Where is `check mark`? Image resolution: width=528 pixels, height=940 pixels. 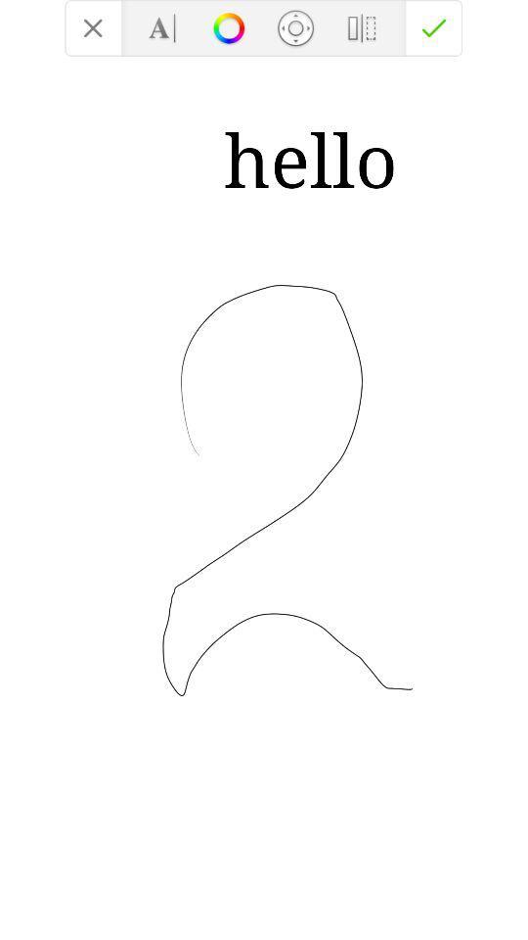
check mark is located at coordinates (434, 26).